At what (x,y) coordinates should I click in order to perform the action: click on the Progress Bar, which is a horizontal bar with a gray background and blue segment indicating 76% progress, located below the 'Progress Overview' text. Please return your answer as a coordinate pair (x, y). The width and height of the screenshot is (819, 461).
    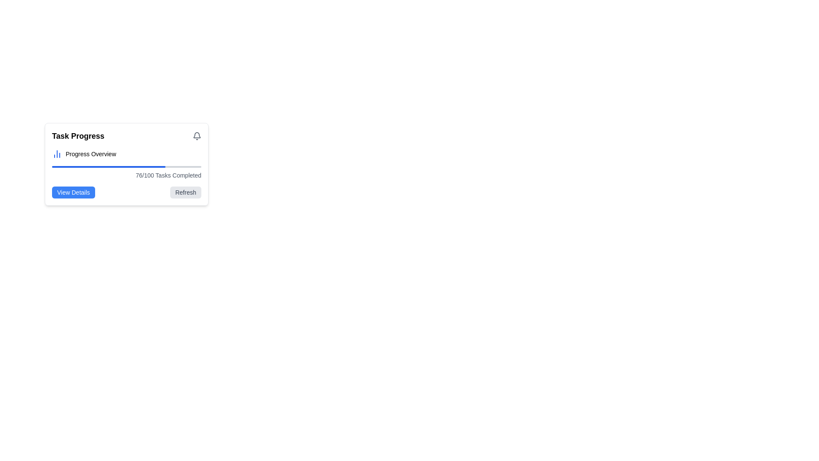
    Looking at the image, I should click on (126, 166).